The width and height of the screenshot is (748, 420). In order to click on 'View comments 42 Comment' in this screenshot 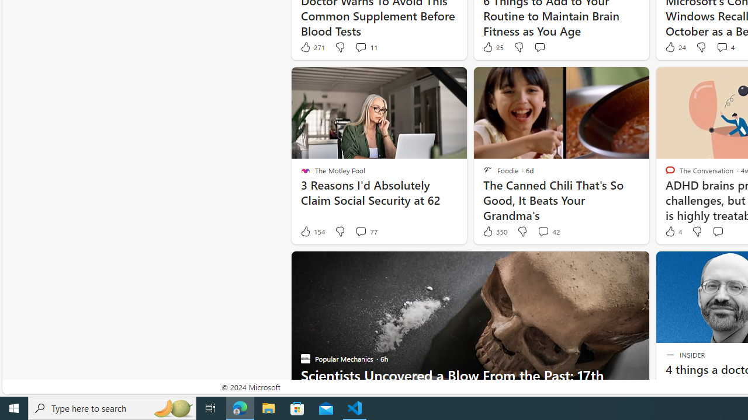, I will do `click(548, 232)`.